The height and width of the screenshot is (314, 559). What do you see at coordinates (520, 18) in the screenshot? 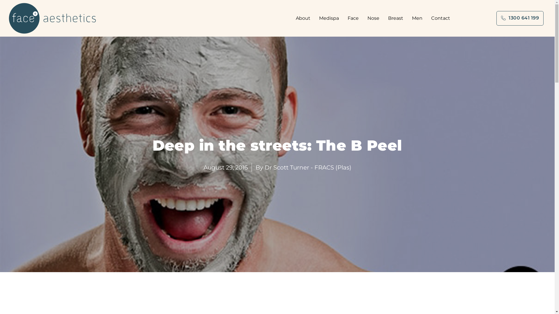
I see `'1300 641 199'` at bounding box center [520, 18].